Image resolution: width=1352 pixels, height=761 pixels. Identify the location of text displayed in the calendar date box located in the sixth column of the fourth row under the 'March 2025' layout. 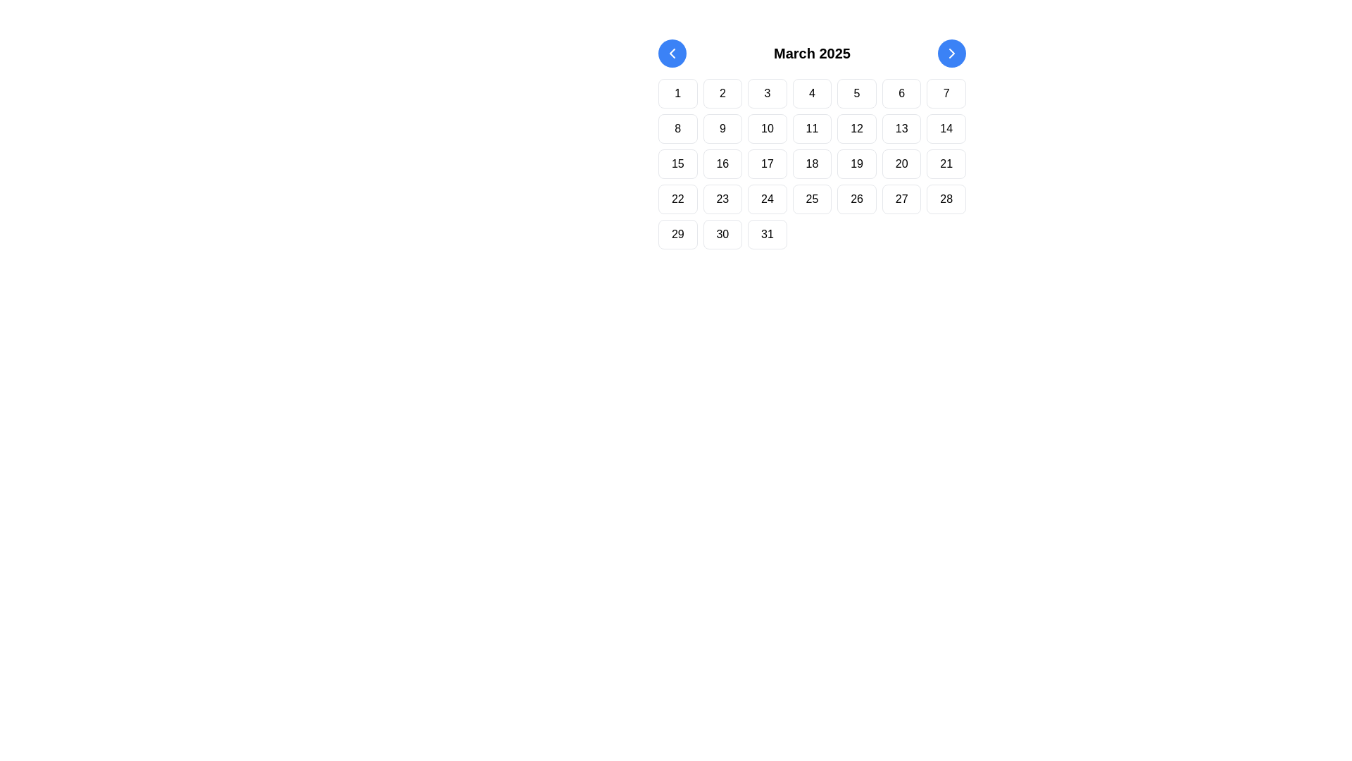
(856, 199).